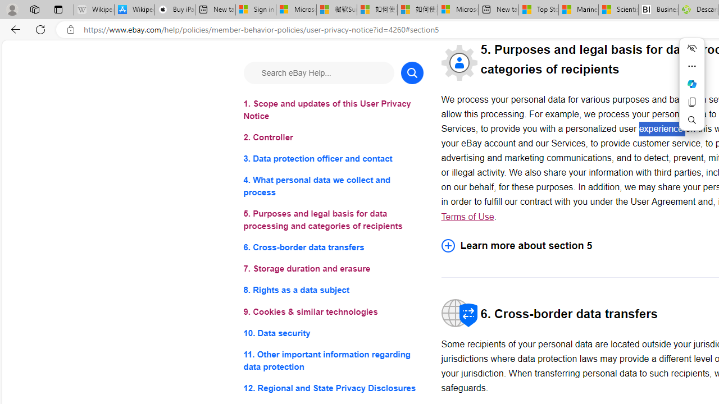 Image resolution: width=719 pixels, height=404 pixels. I want to click on '11. Other important information regarding data protection', so click(333, 360).